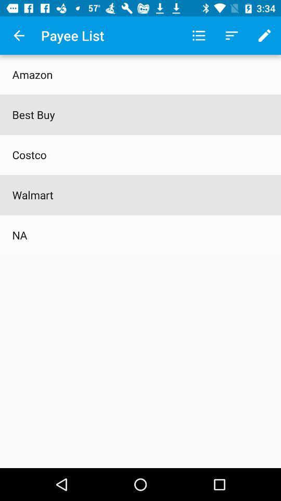  What do you see at coordinates (19, 35) in the screenshot?
I see `the app next to payee list` at bounding box center [19, 35].